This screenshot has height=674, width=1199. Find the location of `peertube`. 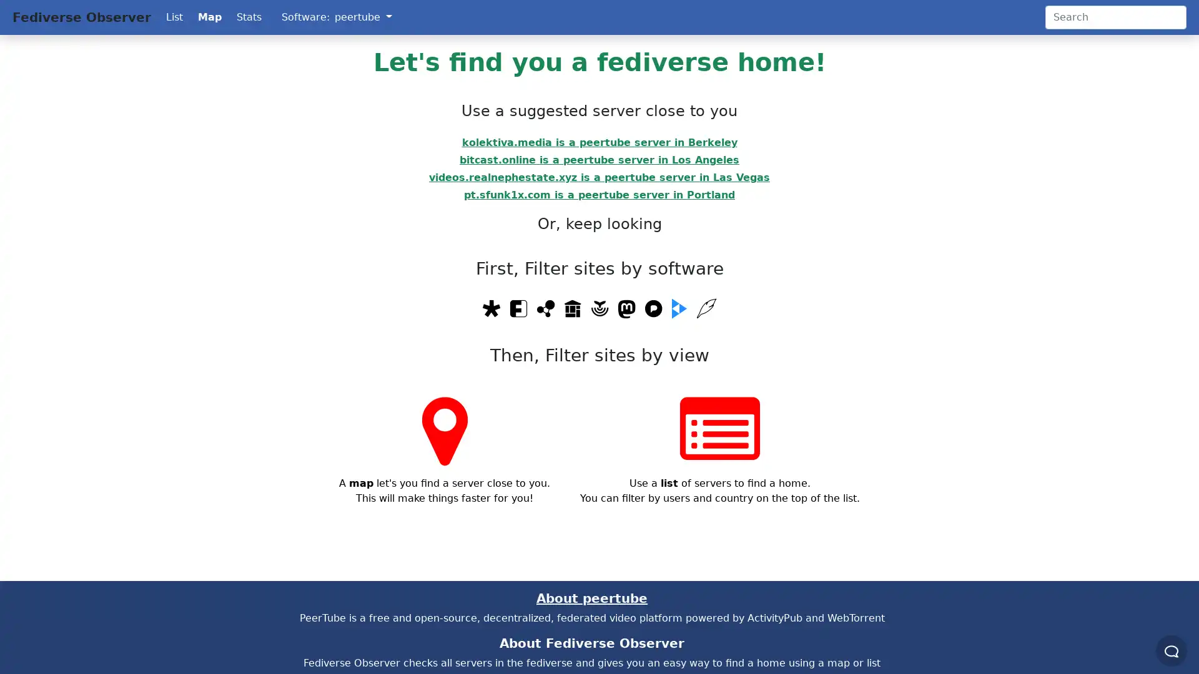

peertube is located at coordinates (362, 17).